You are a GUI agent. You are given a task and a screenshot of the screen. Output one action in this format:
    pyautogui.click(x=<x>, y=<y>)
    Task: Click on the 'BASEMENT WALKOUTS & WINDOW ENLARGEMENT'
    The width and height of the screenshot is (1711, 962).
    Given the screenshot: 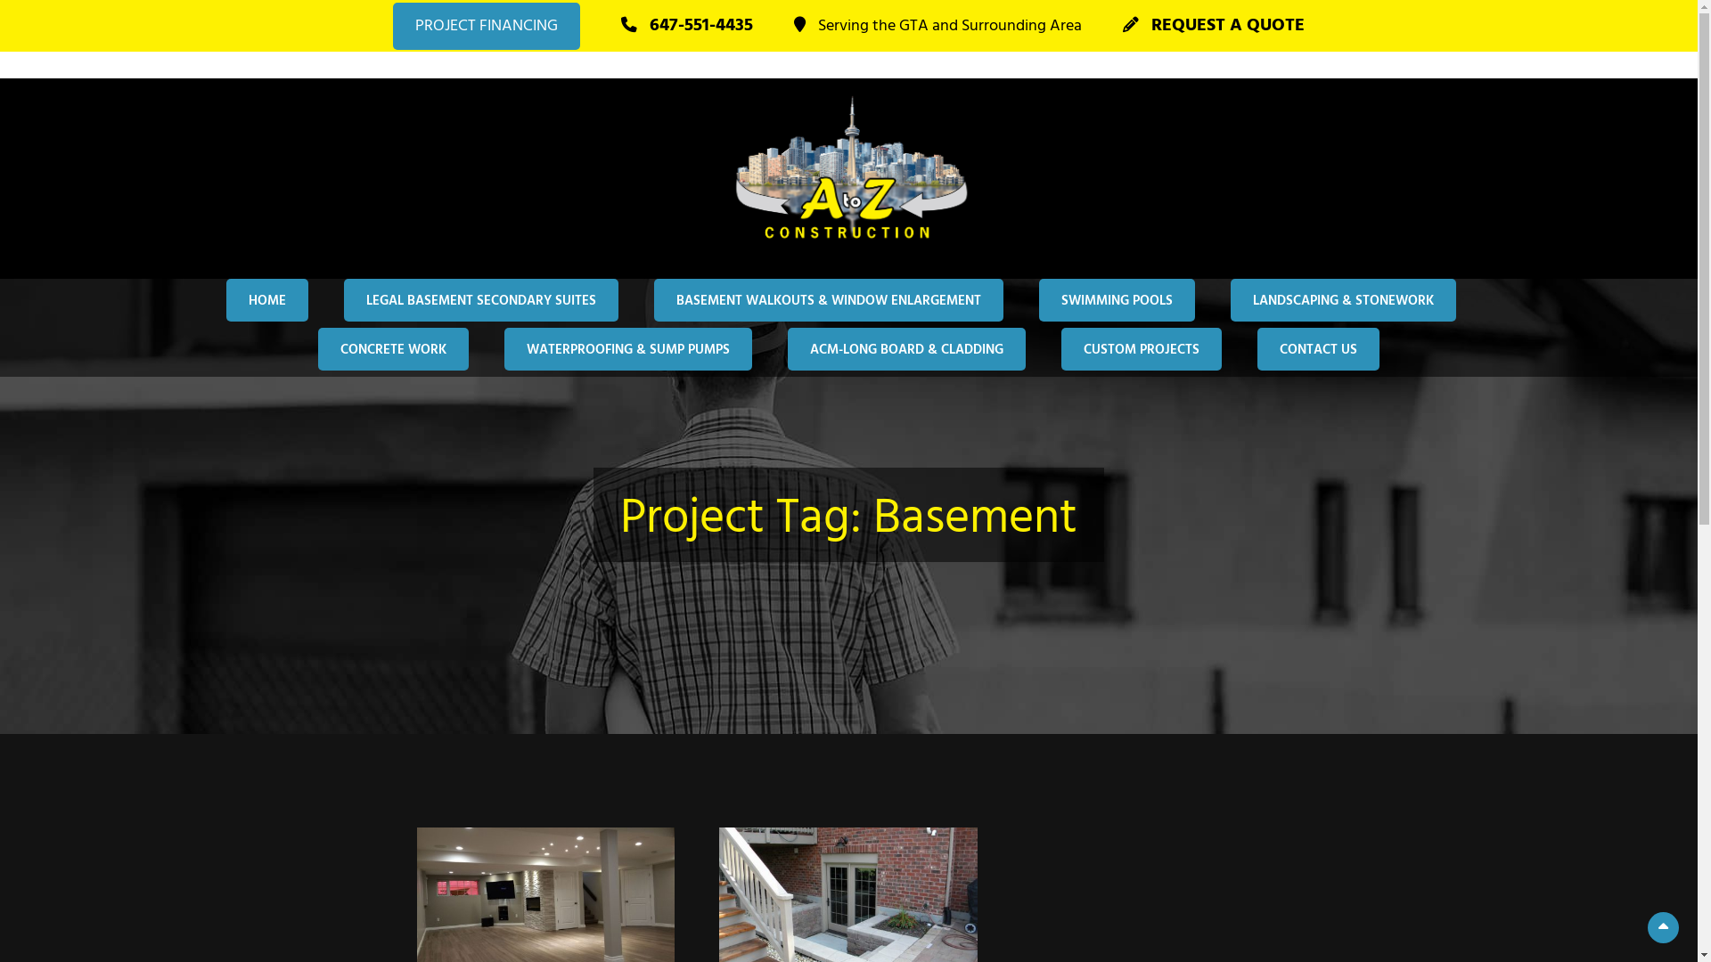 What is the action you would take?
    pyautogui.click(x=828, y=298)
    